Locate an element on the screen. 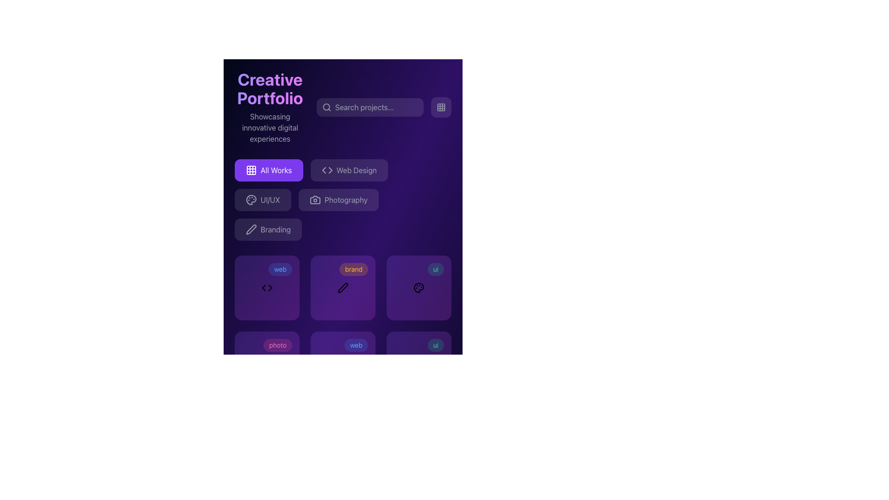 This screenshot has height=500, width=889. the icon resembling angle brackets ('<>') located on the left side of the 'Web Design' button in the menu options is located at coordinates (327, 170).